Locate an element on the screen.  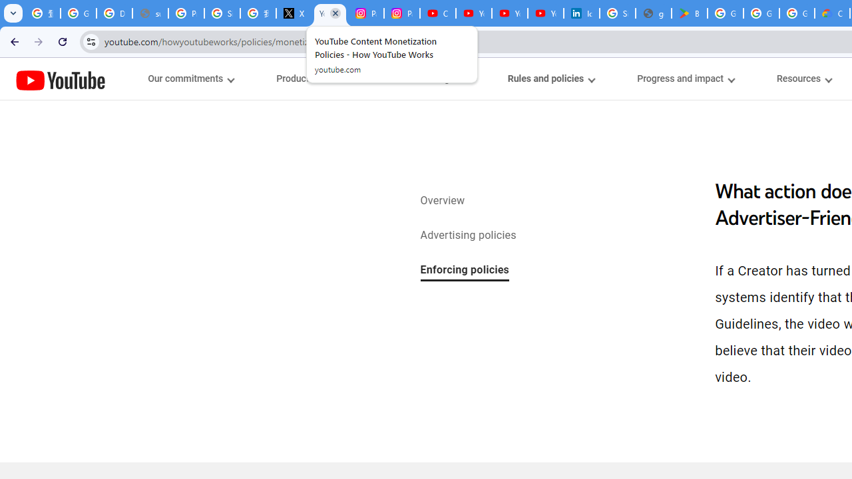
'support.google.com - Network error' is located at coordinates (150, 13).